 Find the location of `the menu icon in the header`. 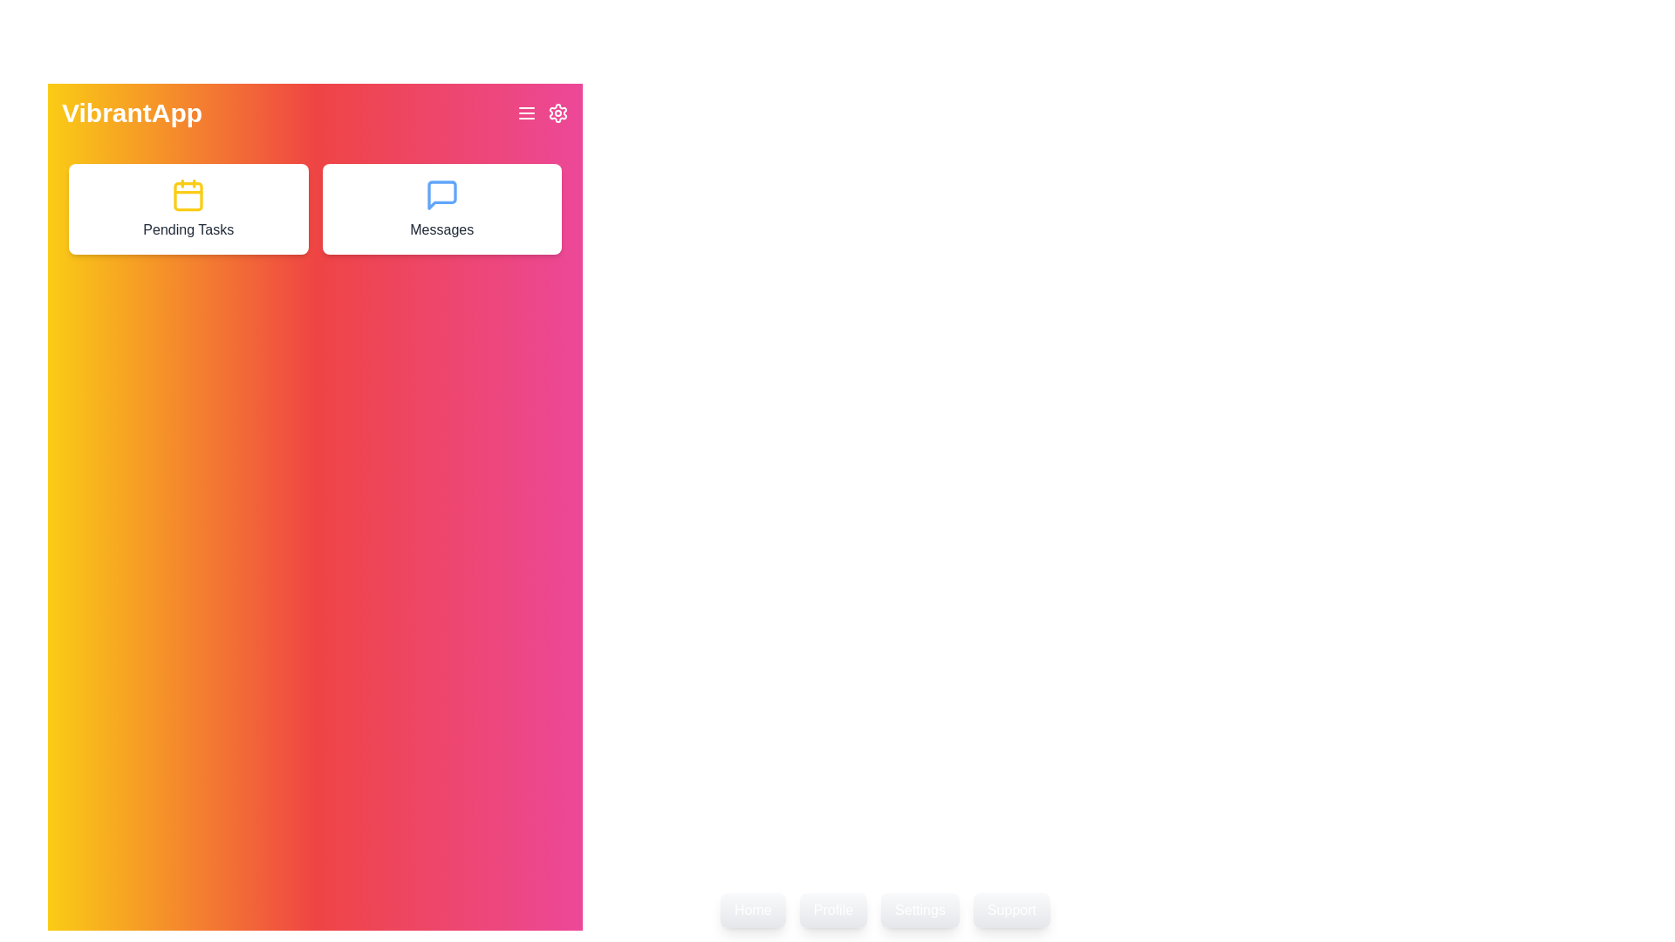

the menu icon in the header is located at coordinates (526, 113).